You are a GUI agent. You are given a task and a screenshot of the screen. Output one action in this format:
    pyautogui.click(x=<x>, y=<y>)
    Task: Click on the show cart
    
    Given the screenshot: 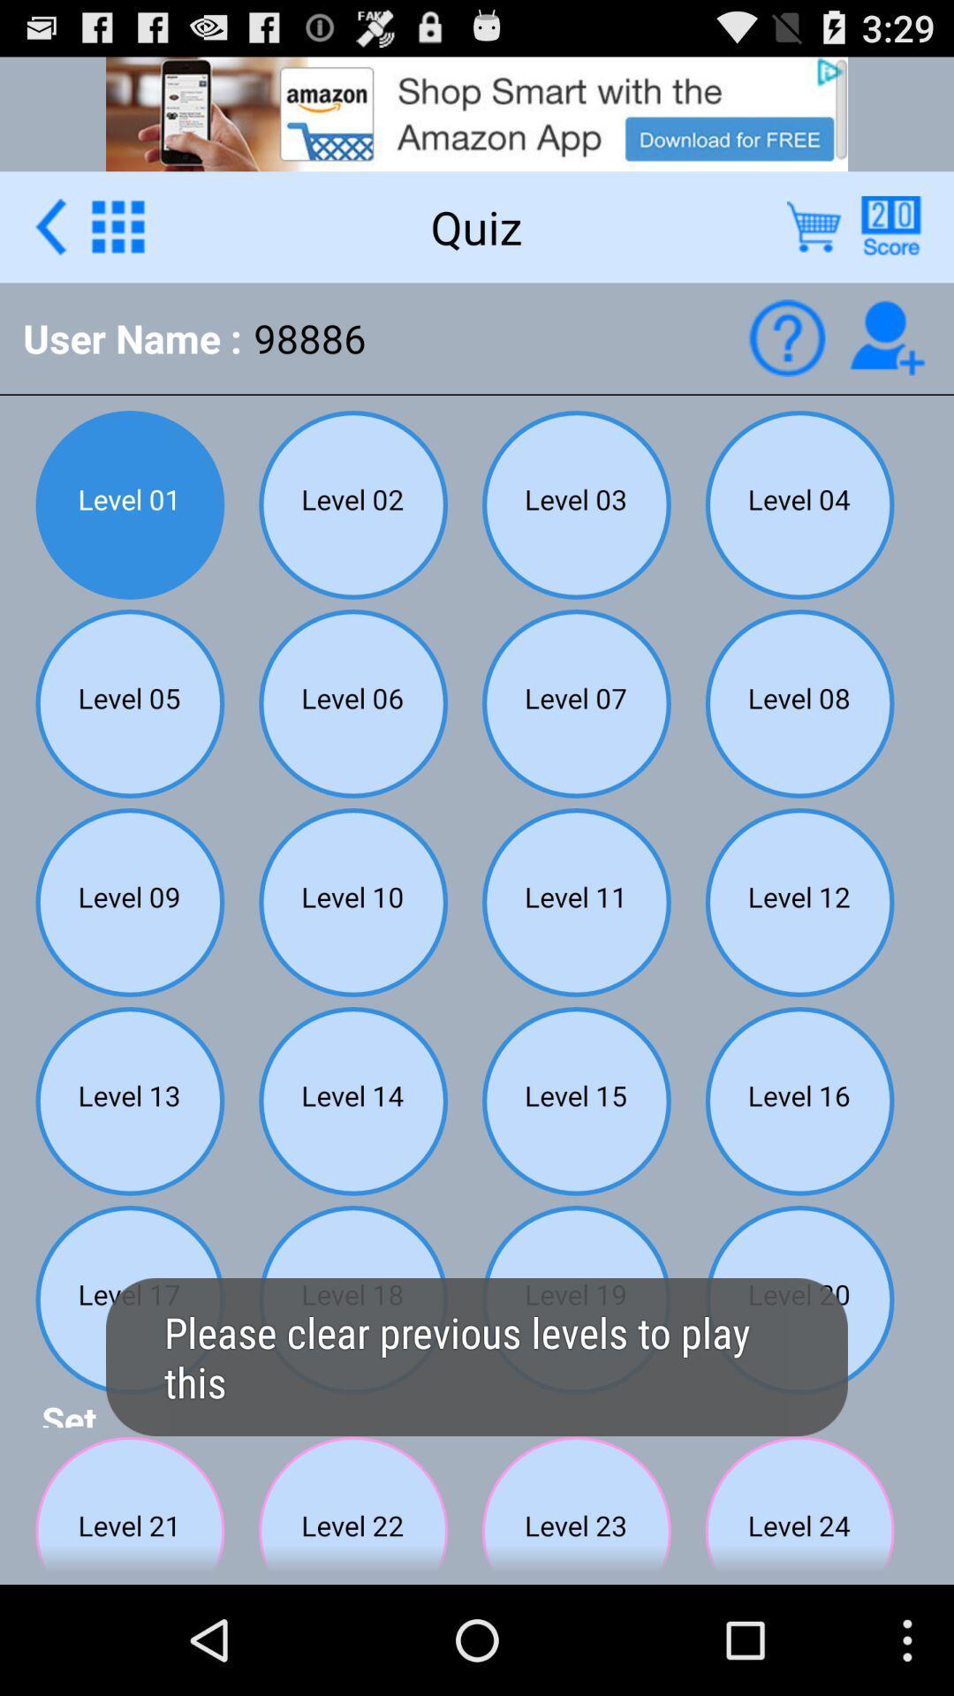 What is the action you would take?
    pyautogui.click(x=814, y=225)
    